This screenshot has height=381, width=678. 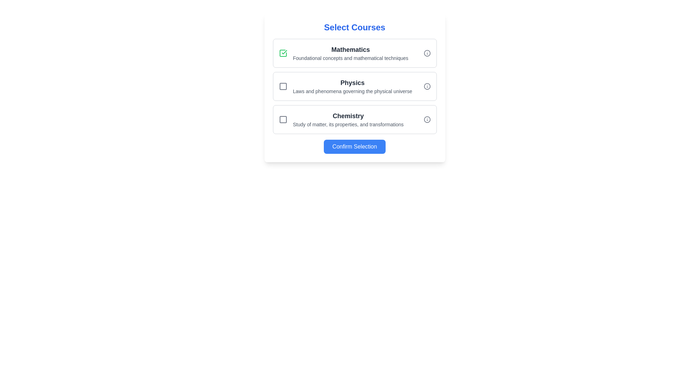 I want to click on the 'Physics' selectable option, the second item in a vertical list of selectable options, so click(x=345, y=86).